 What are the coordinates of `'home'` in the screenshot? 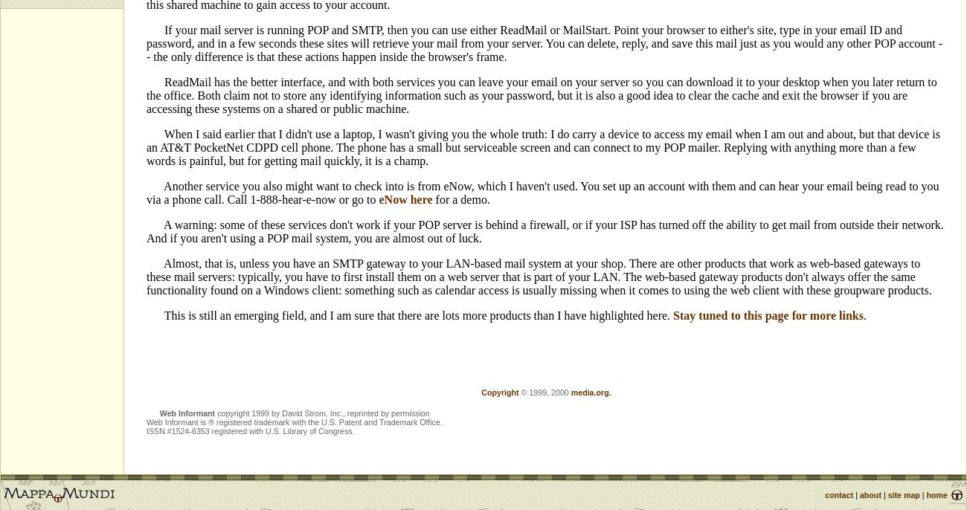 It's located at (937, 494).